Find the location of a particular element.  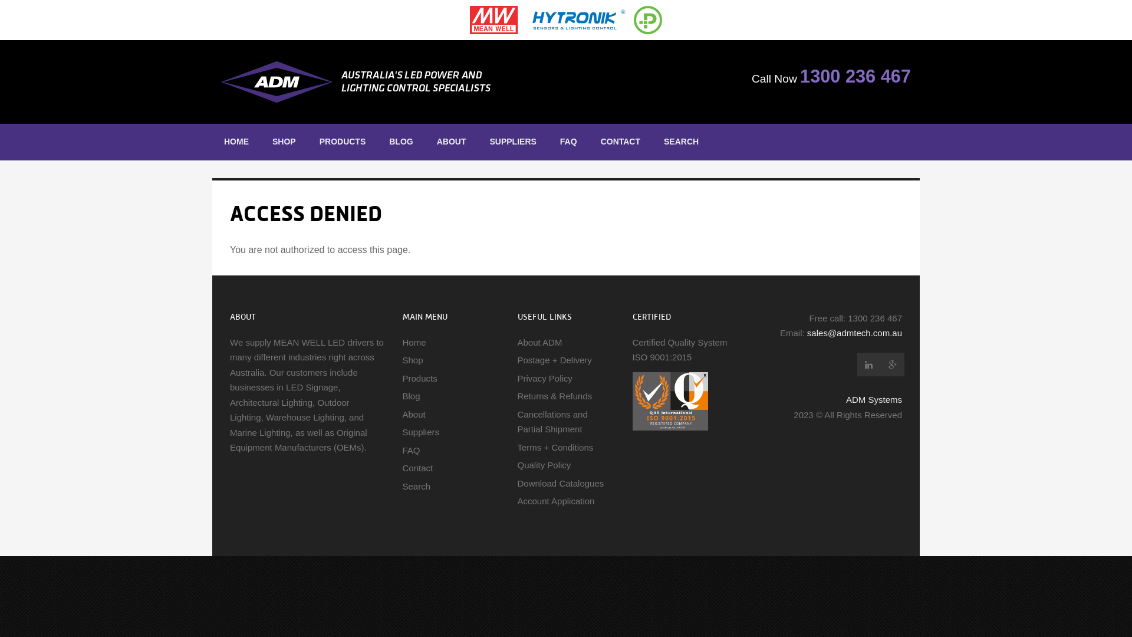

'CONTACT' is located at coordinates (620, 141).